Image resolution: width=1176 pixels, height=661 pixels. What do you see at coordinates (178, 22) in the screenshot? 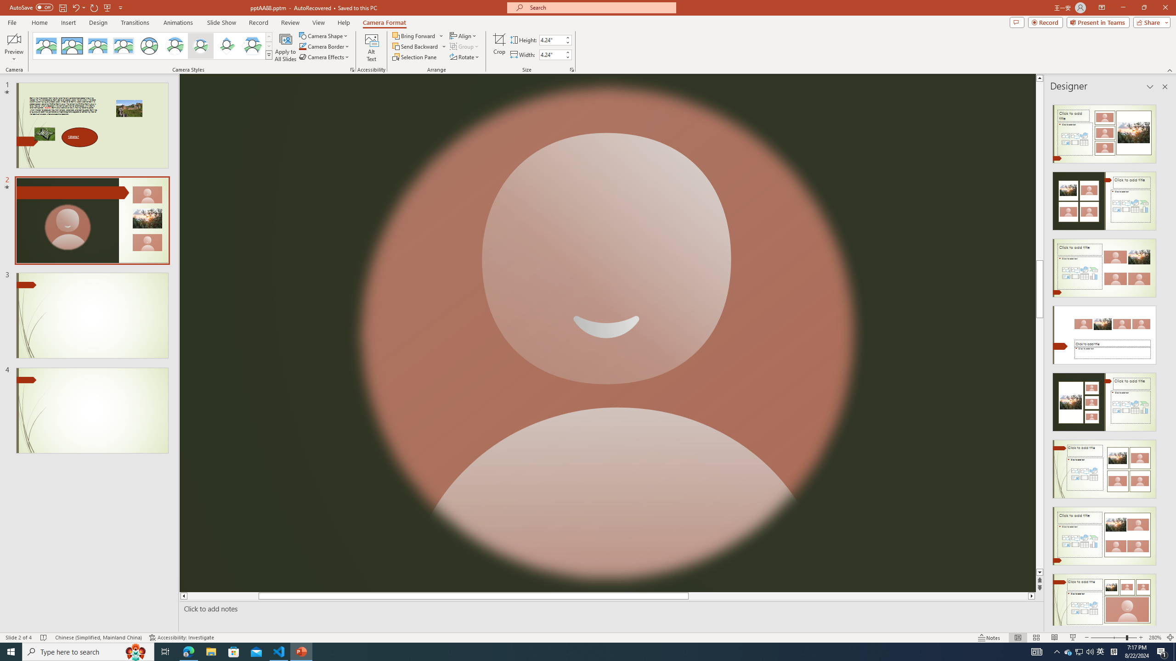
I see `'Animations'` at bounding box center [178, 22].